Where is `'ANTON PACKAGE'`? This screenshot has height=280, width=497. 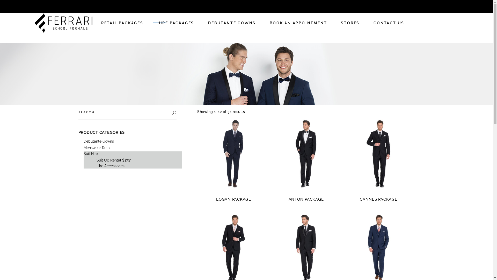
'ANTON PACKAGE' is located at coordinates (306, 199).